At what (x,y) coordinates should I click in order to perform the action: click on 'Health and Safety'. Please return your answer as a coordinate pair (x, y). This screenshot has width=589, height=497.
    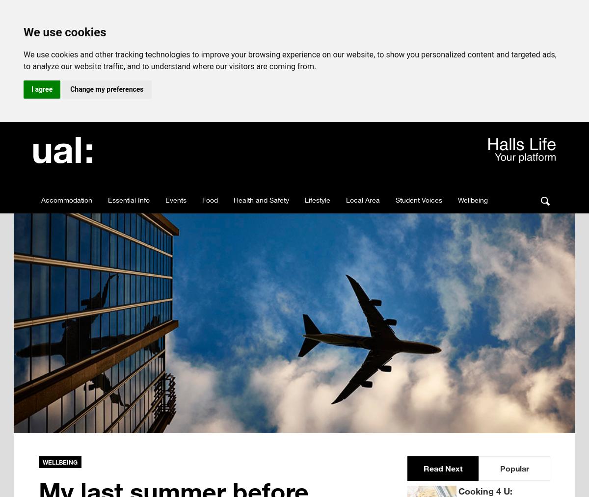
    Looking at the image, I should click on (261, 199).